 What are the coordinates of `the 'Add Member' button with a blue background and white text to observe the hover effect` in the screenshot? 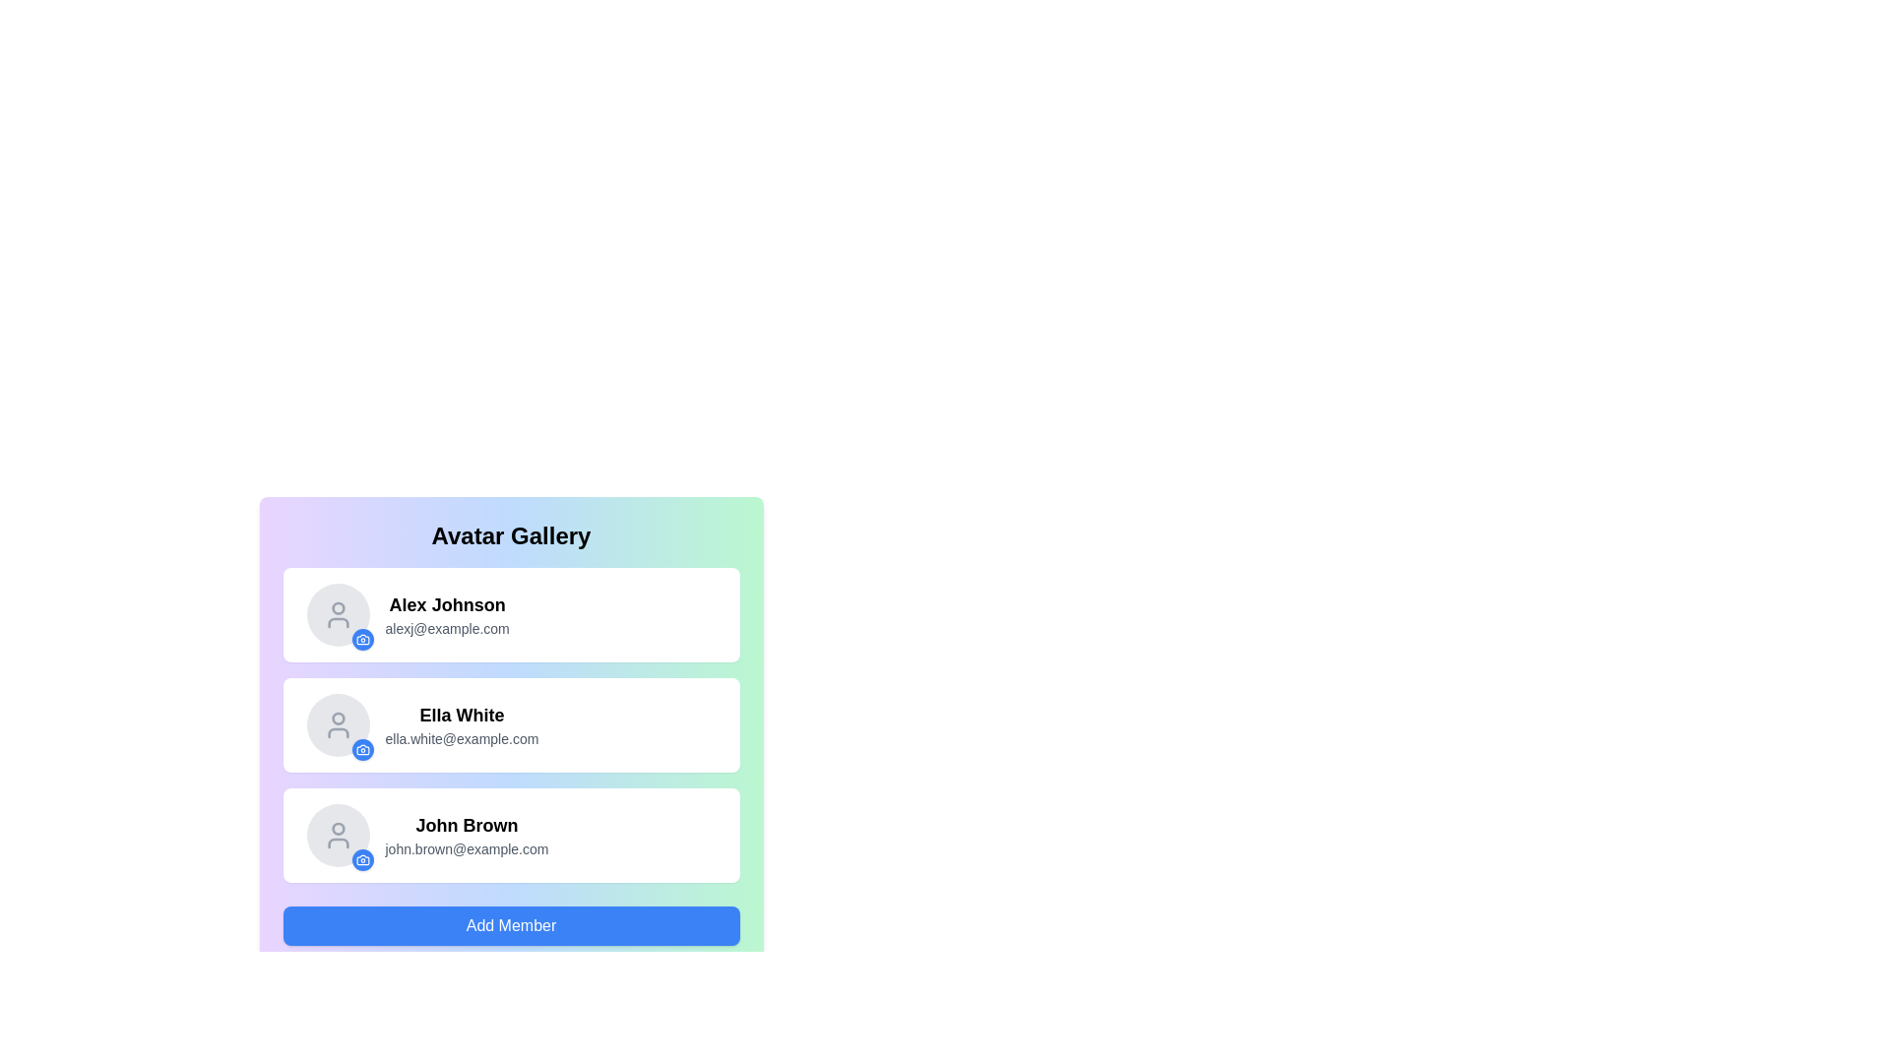 It's located at (511, 926).